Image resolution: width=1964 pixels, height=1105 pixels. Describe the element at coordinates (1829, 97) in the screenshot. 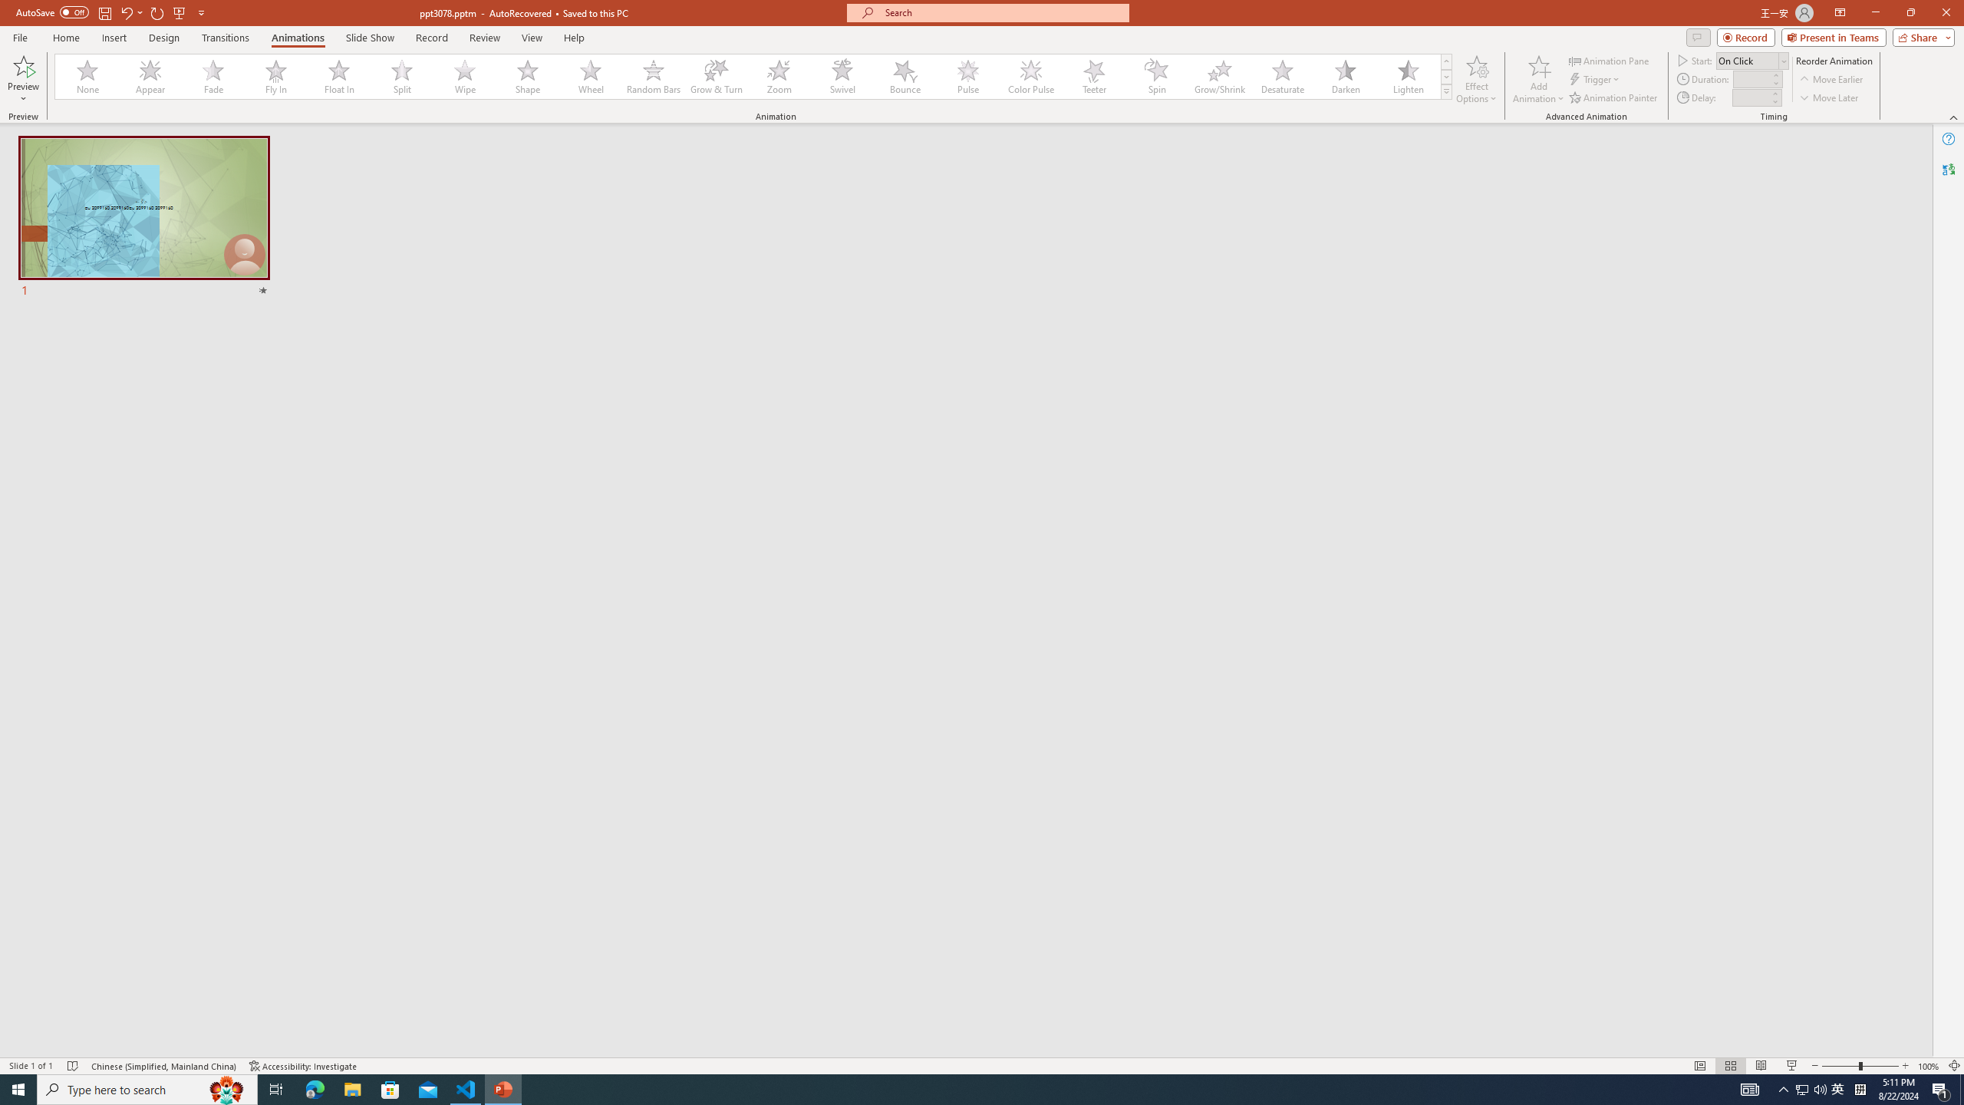

I see `'Move Later'` at that location.